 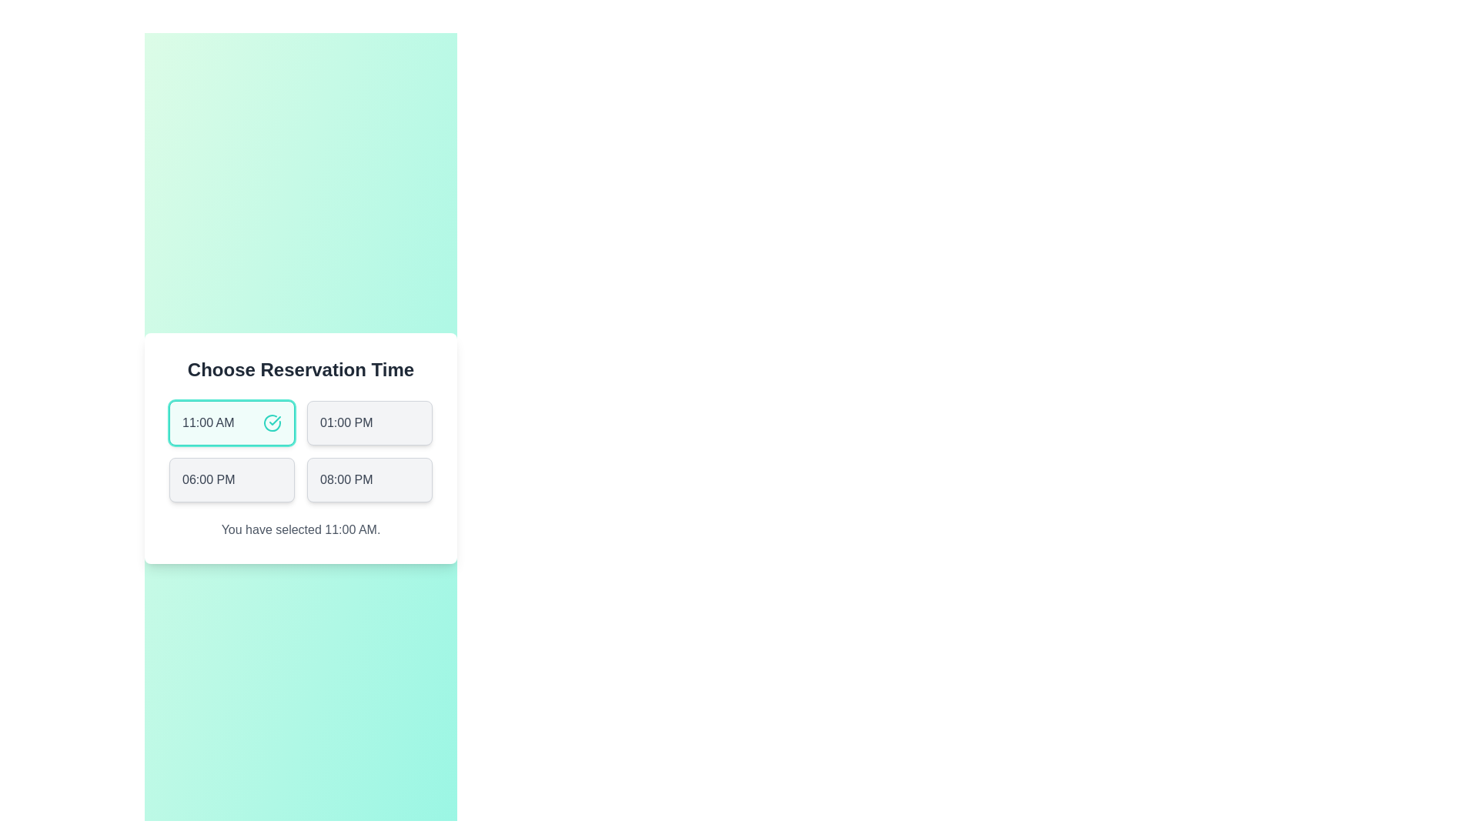 What do you see at coordinates (300, 448) in the screenshot?
I see `the interactive button grid within the modal titled 'Choose Reservation Time'` at bounding box center [300, 448].